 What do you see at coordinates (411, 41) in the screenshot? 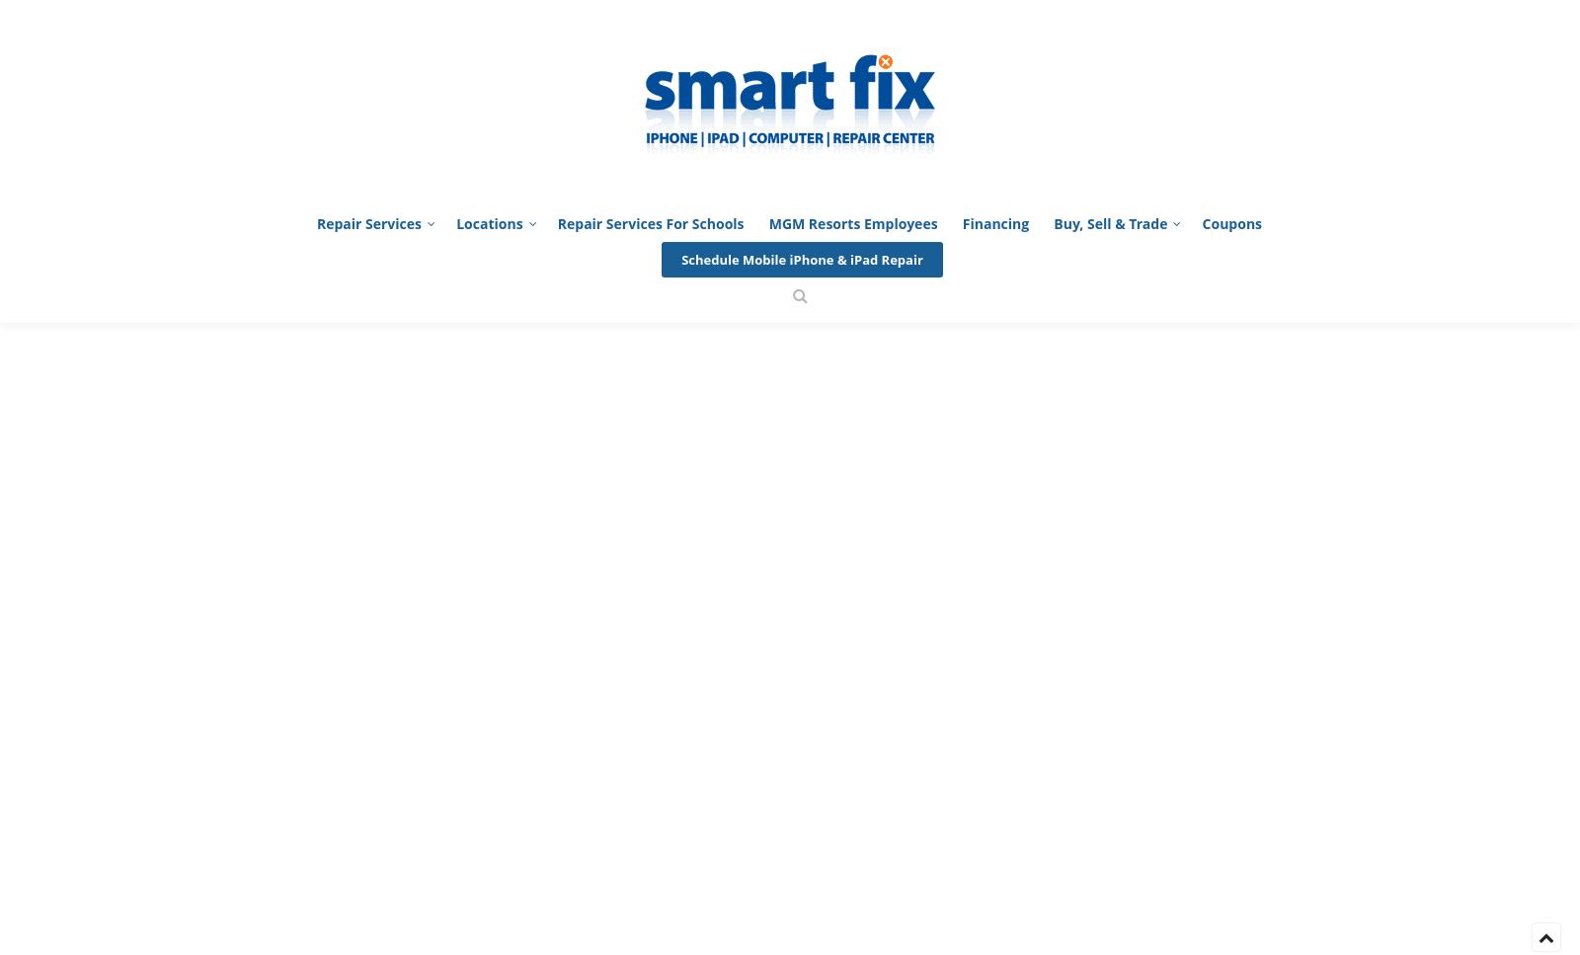
I see `'iPhone Repair Henderson'` at bounding box center [411, 41].